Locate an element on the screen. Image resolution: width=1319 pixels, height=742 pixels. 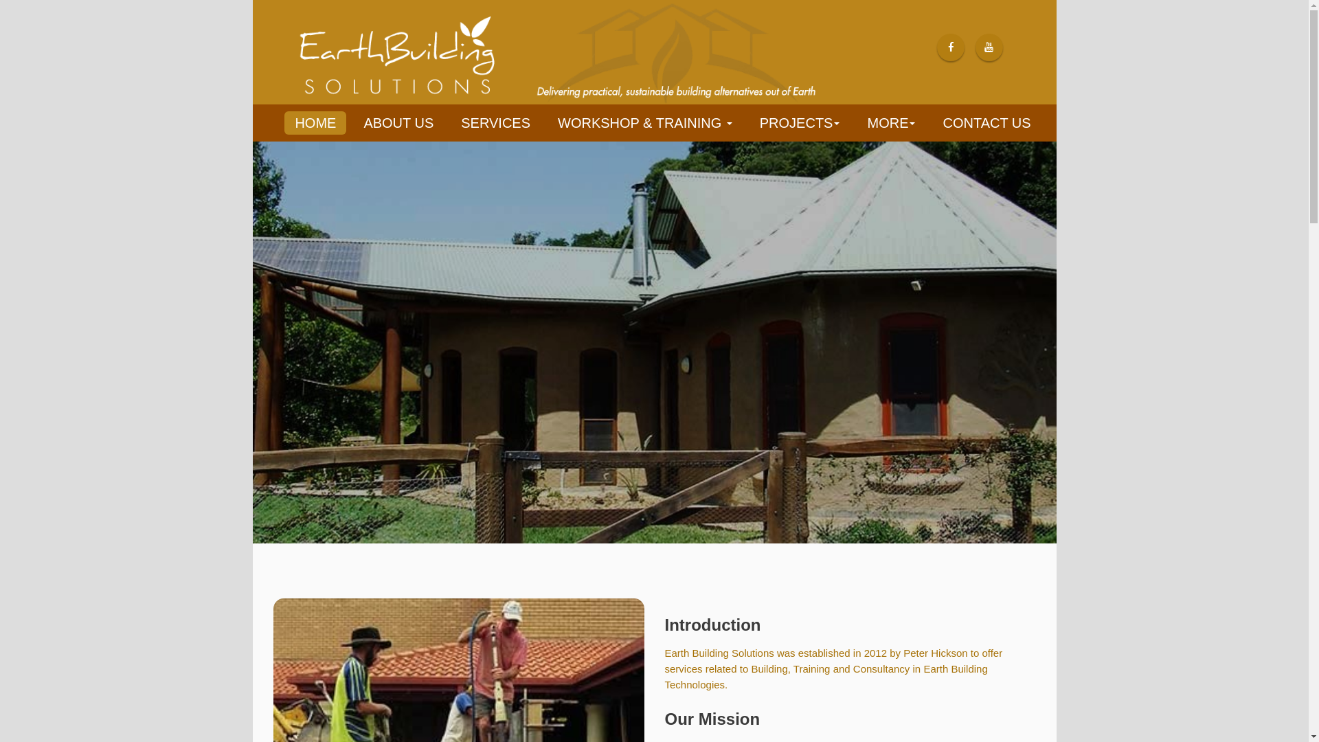
'CONTACT US' is located at coordinates (985, 122).